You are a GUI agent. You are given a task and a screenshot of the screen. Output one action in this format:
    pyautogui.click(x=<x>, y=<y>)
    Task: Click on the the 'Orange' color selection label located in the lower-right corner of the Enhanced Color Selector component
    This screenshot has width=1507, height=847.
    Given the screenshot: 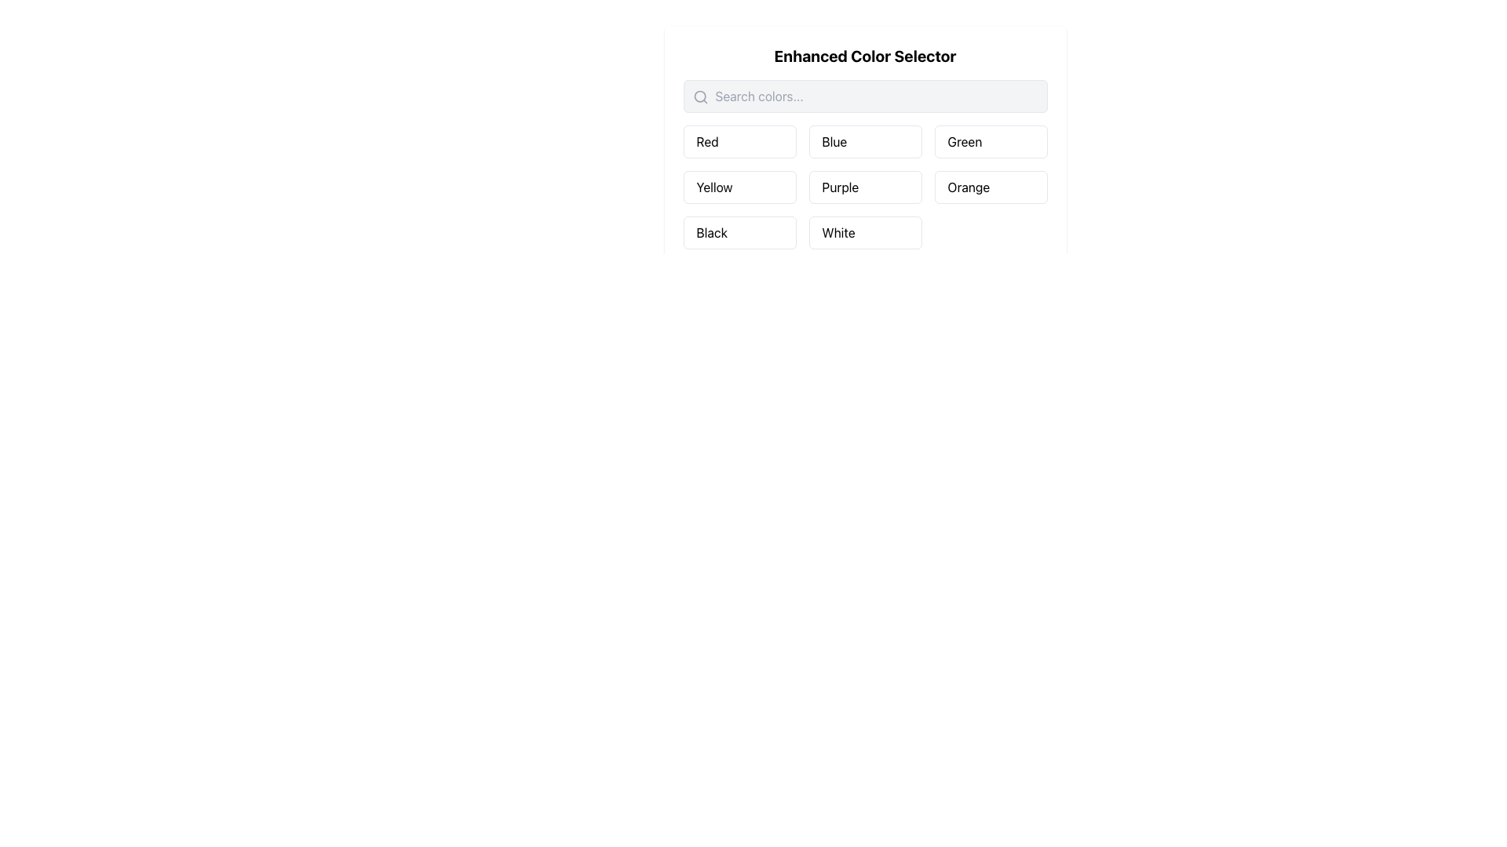 What is the action you would take?
    pyautogui.click(x=968, y=187)
    